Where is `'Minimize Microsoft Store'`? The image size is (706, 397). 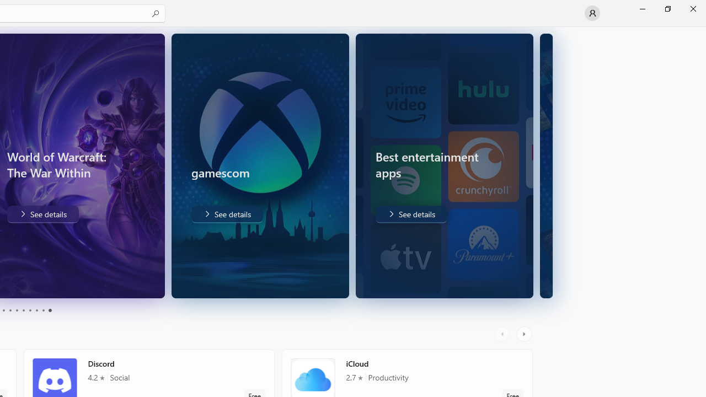 'Minimize Microsoft Store' is located at coordinates (642, 8).